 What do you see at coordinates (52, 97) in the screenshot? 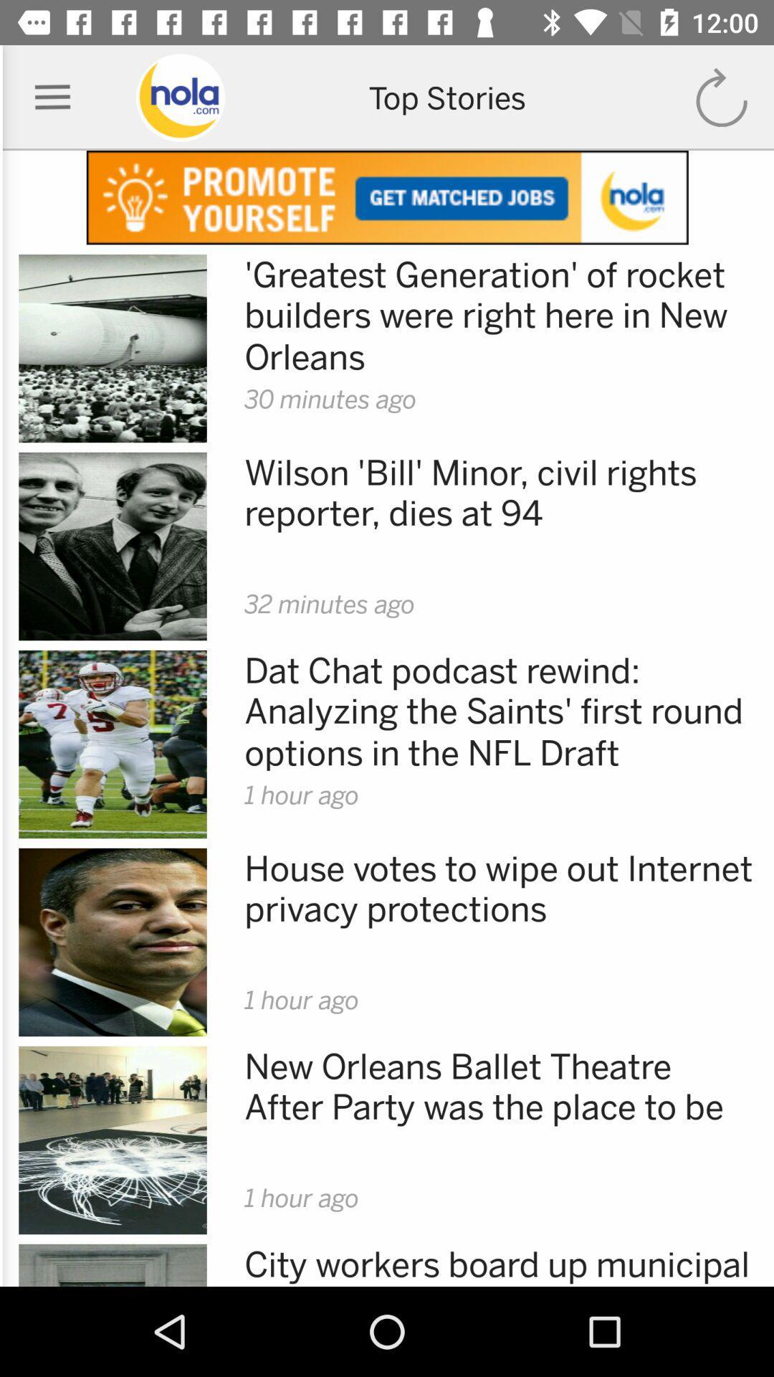
I see `the setting box` at bounding box center [52, 97].